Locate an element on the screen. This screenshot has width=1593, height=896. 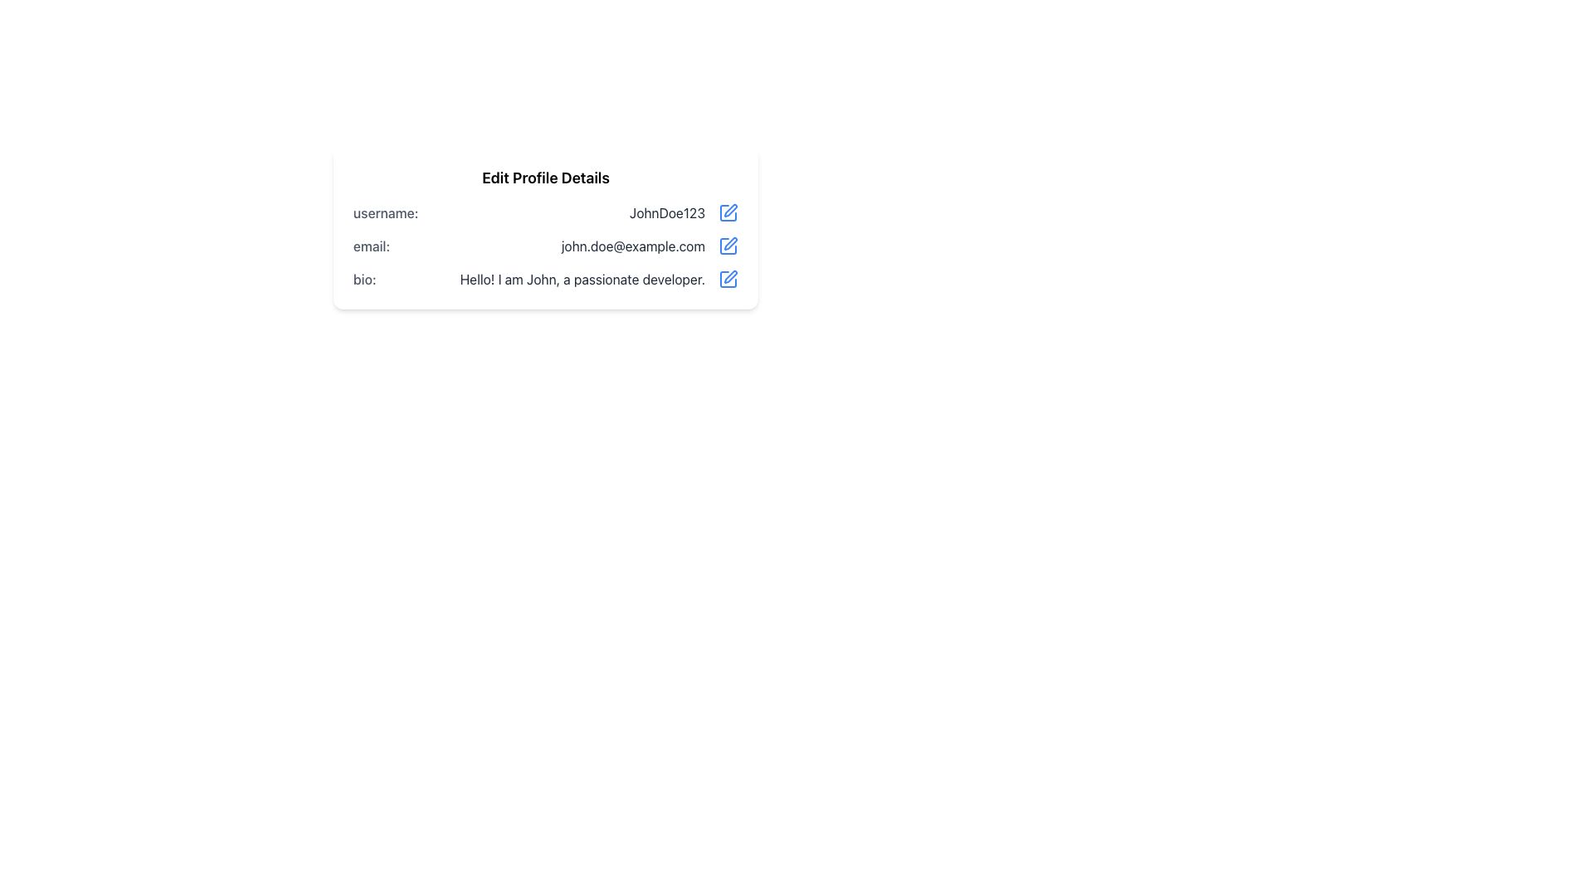
the static text display showing the username 'JohnDoe123', which is styled in bold, dark gray font and located beside the label 'username:' and to the left of an edit icon is located at coordinates (684, 212).